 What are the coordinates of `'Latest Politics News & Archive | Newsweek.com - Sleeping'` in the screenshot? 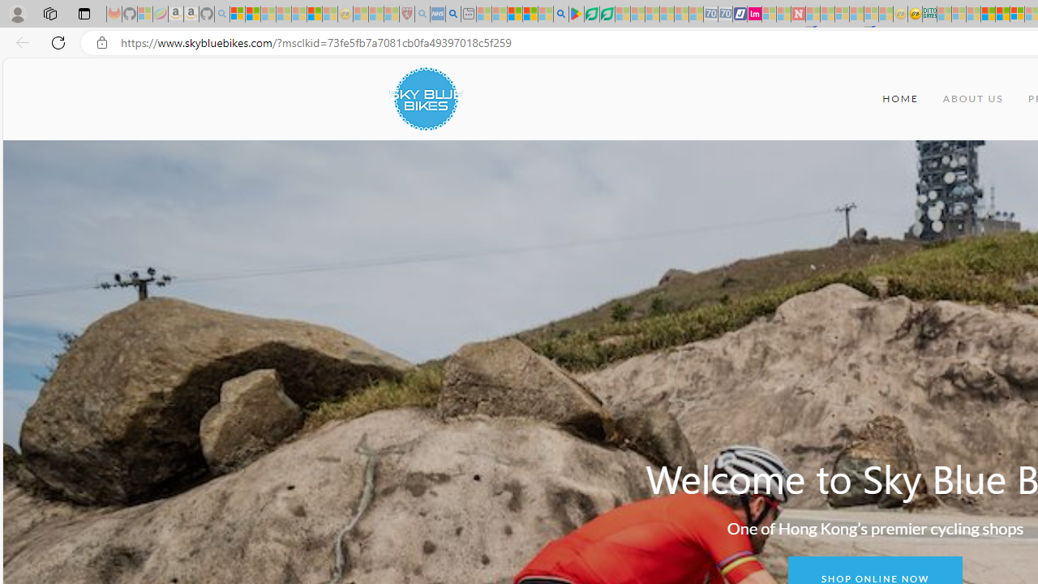 It's located at (798, 14).